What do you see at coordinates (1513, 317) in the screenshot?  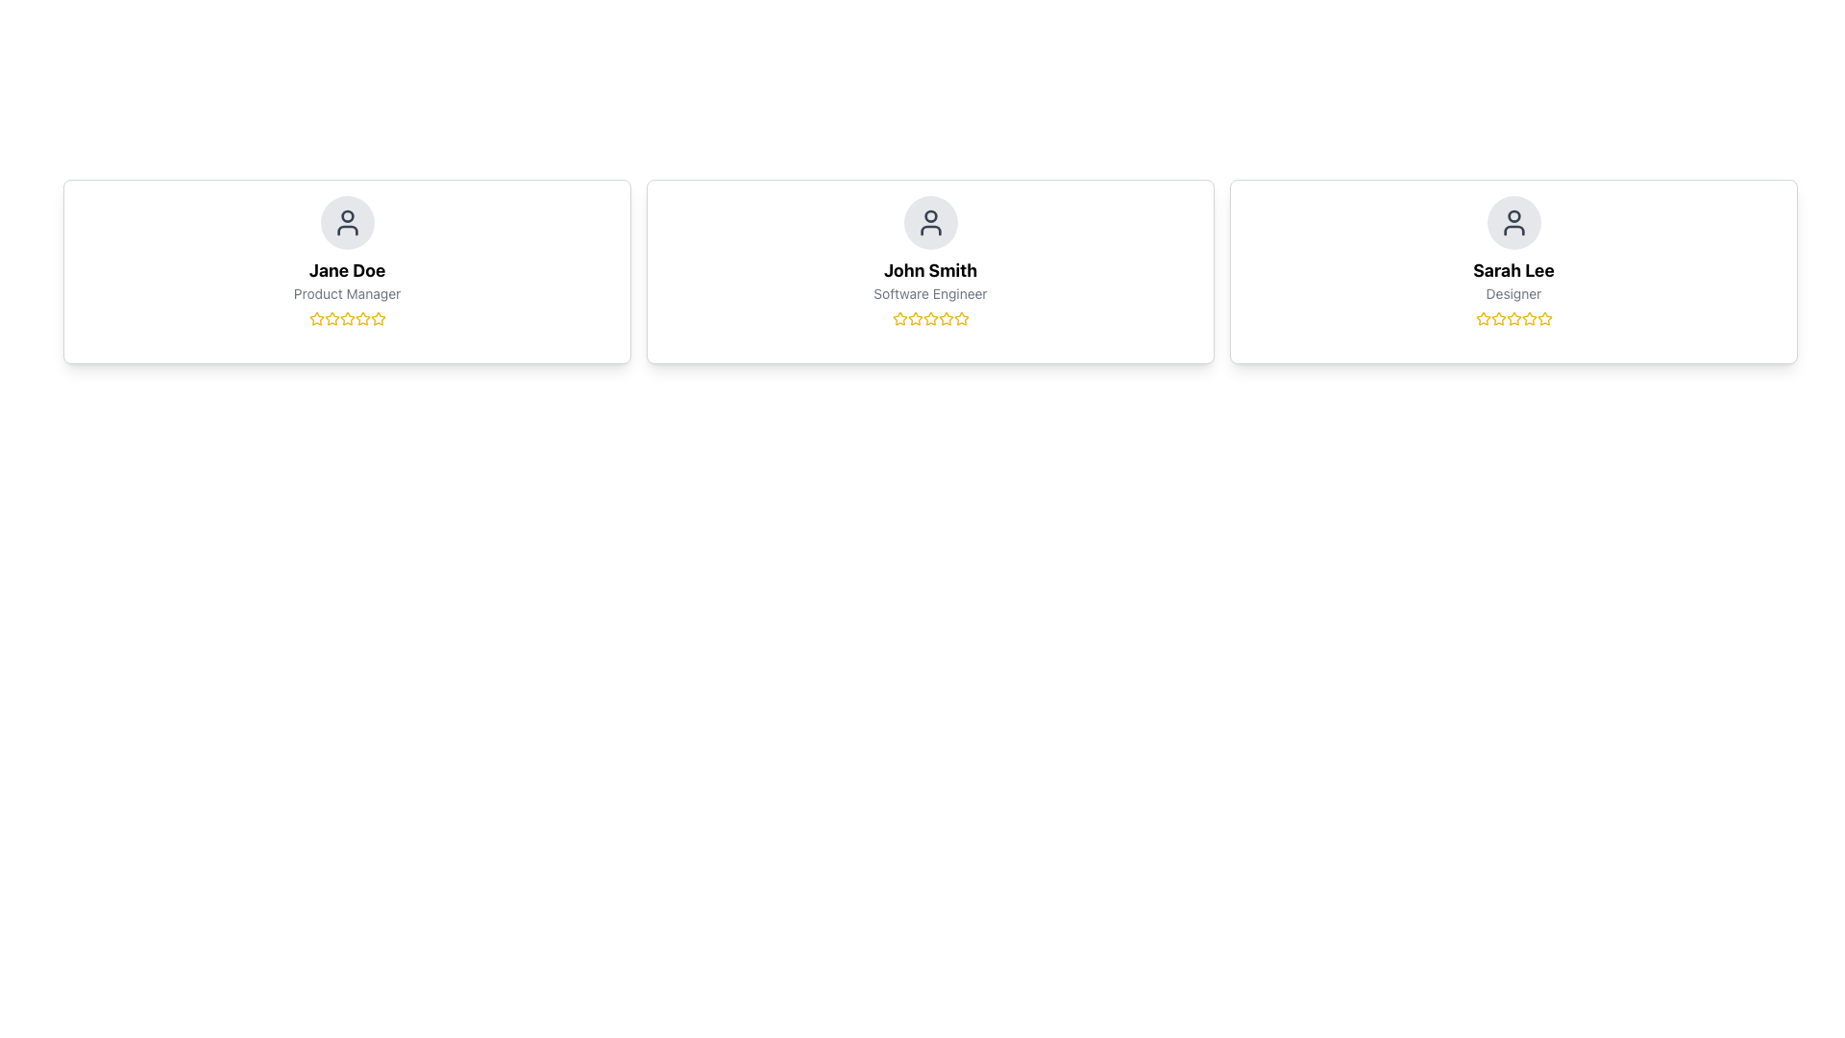 I see `the third star icon in the rating system of Sarah Lee's profile card, which is styled in yellow and indicates a rating` at bounding box center [1513, 317].